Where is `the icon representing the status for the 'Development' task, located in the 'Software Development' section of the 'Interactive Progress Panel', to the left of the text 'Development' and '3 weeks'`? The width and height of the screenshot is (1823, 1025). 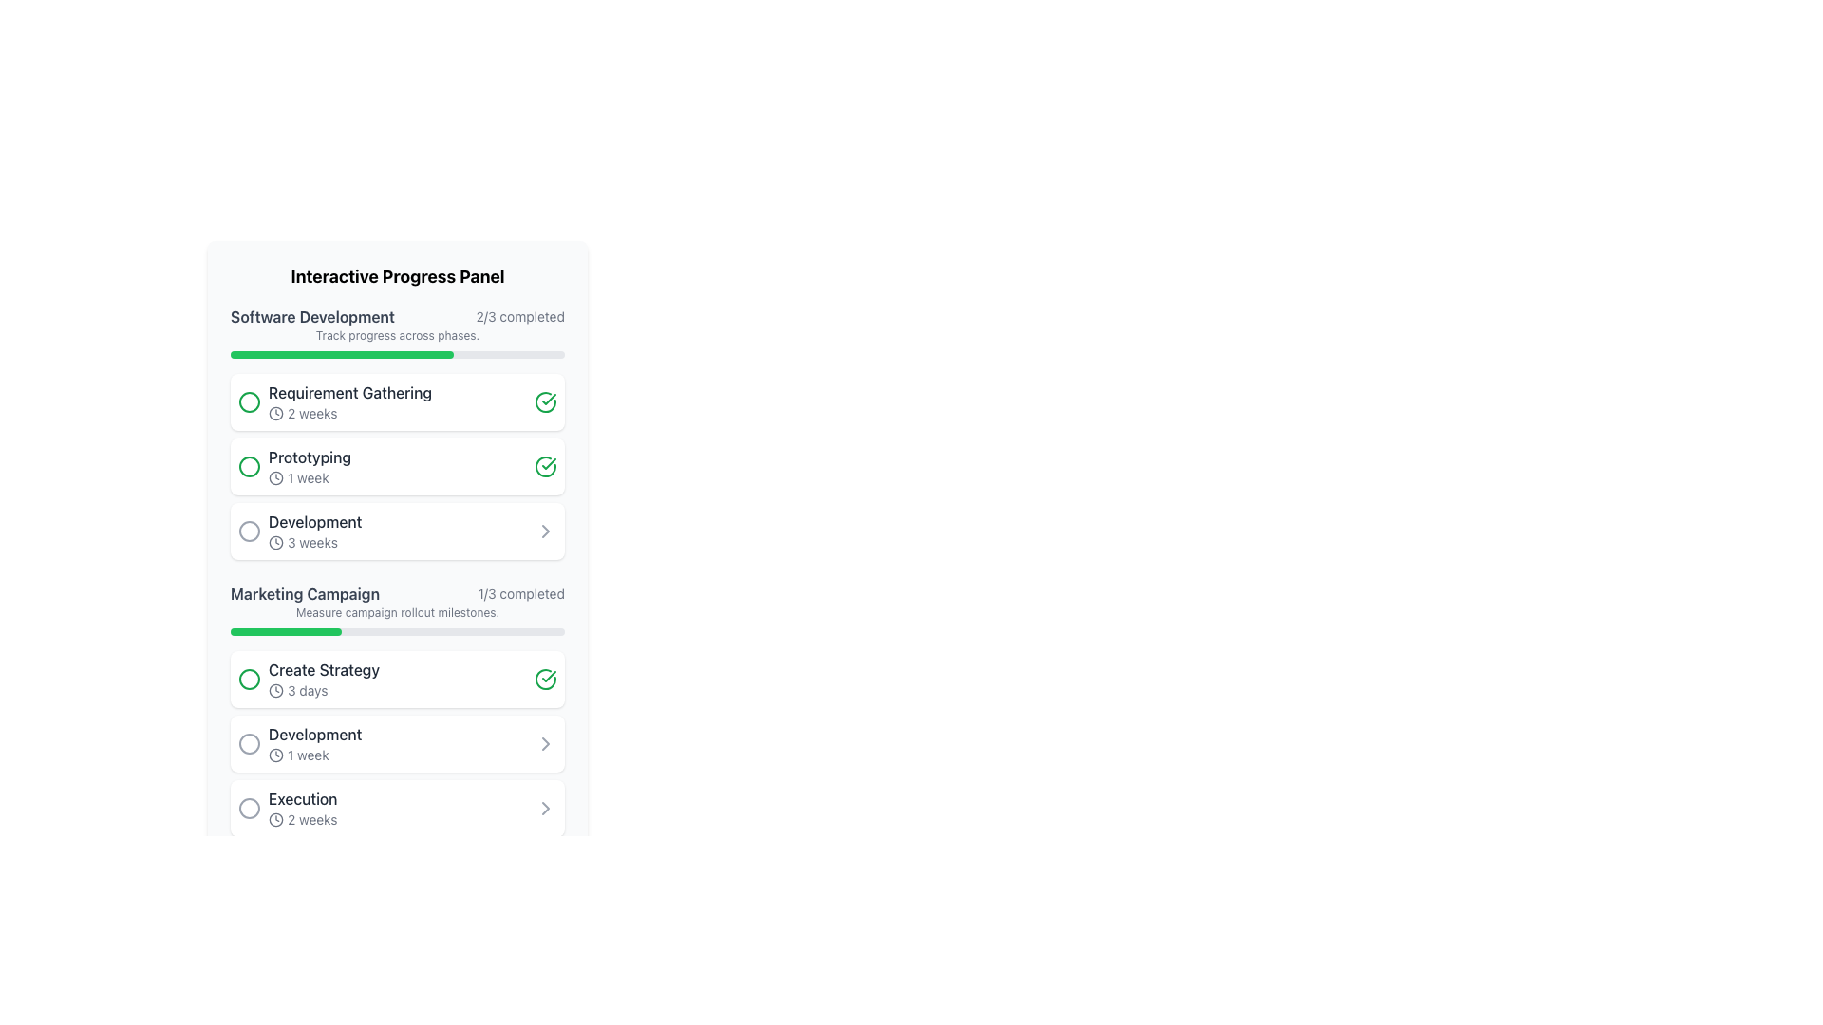
the icon representing the status for the 'Development' task, located in the 'Software Development' section of the 'Interactive Progress Panel', to the left of the text 'Development' and '3 weeks' is located at coordinates (249, 531).